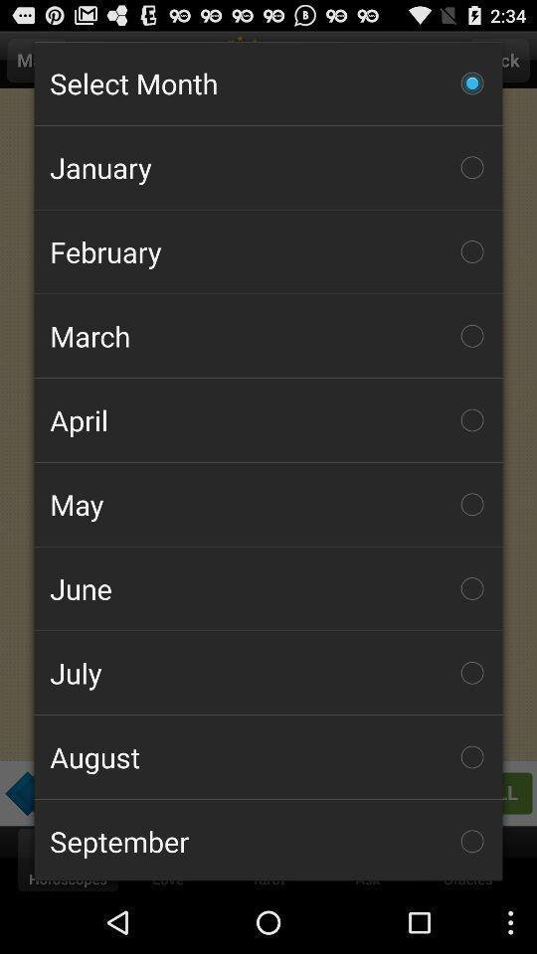 The width and height of the screenshot is (537, 954). Describe the element at coordinates (268, 503) in the screenshot. I see `the item below april item` at that location.